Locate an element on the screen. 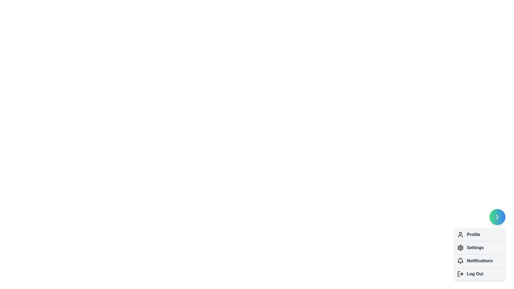 The image size is (514, 289). the toggle button to change the menu visibility is located at coordinates (497, 217).